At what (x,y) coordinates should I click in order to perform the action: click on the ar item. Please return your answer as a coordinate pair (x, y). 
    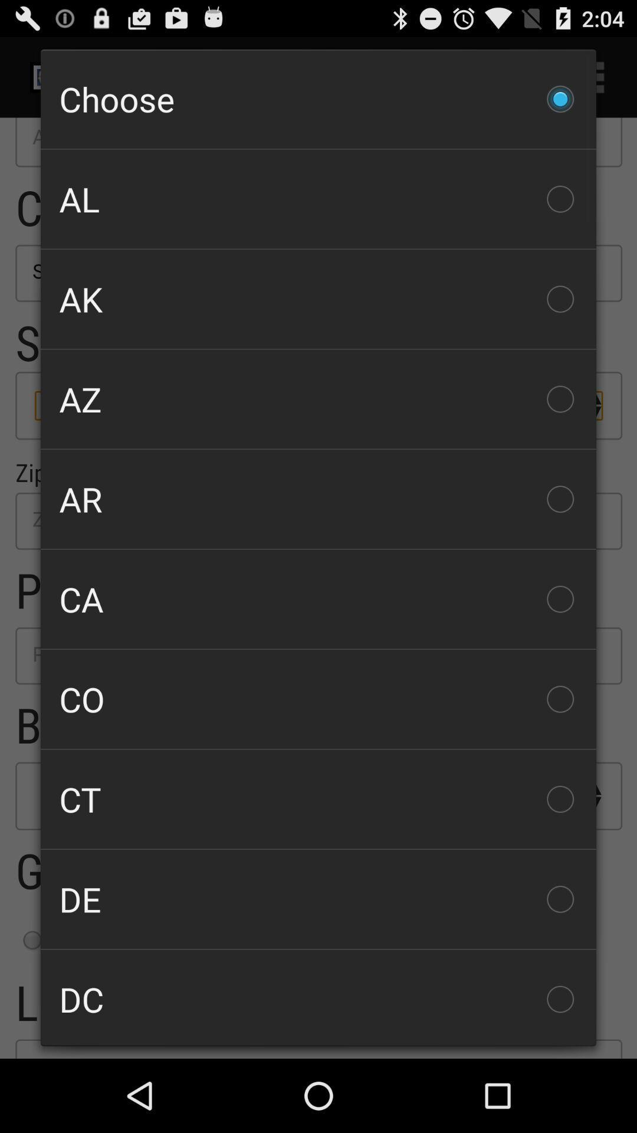
    Looking at the image, I should click on (318, 499).